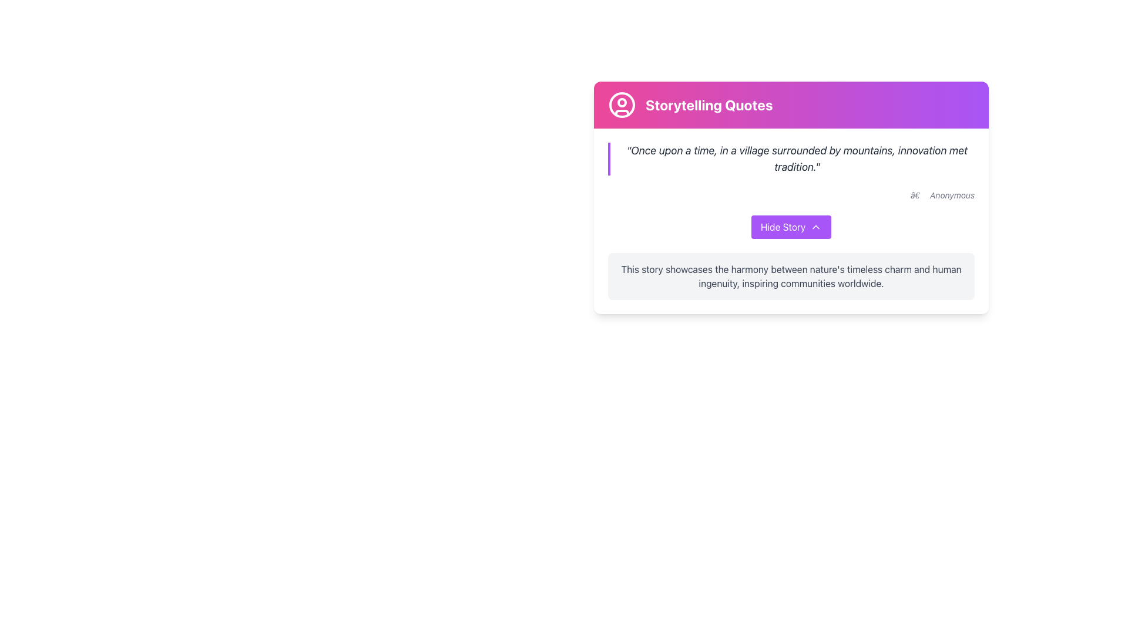 Image resolution: width=1128 pixels, height=634 pixels. What do you see at coordinates (622, 104) in the screenshot?
I see `the user icon SVG graphic, which is a large circular frame with a silhouette of a person in white against a pink background, located at the far left of the title 'Storytelling Quotes'` at bounding box center [622, 104].